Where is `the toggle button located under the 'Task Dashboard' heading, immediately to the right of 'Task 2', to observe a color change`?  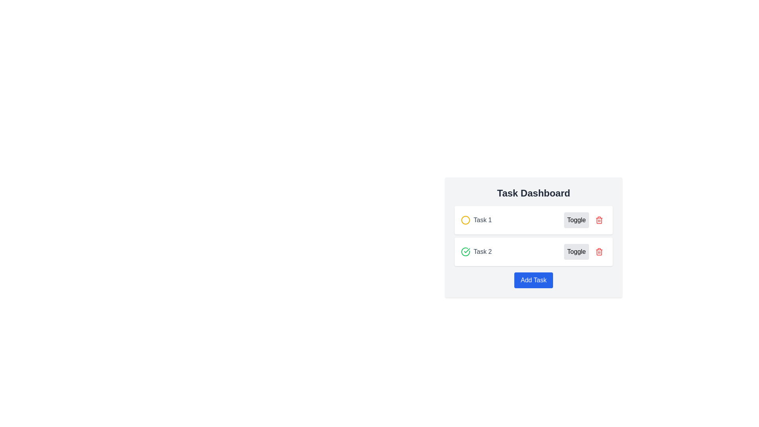
the toggle button located under the 'Task Dashboard' heading, immediately to the right of 'Task 2', to observe a color change is located at coordinates (576, 251).